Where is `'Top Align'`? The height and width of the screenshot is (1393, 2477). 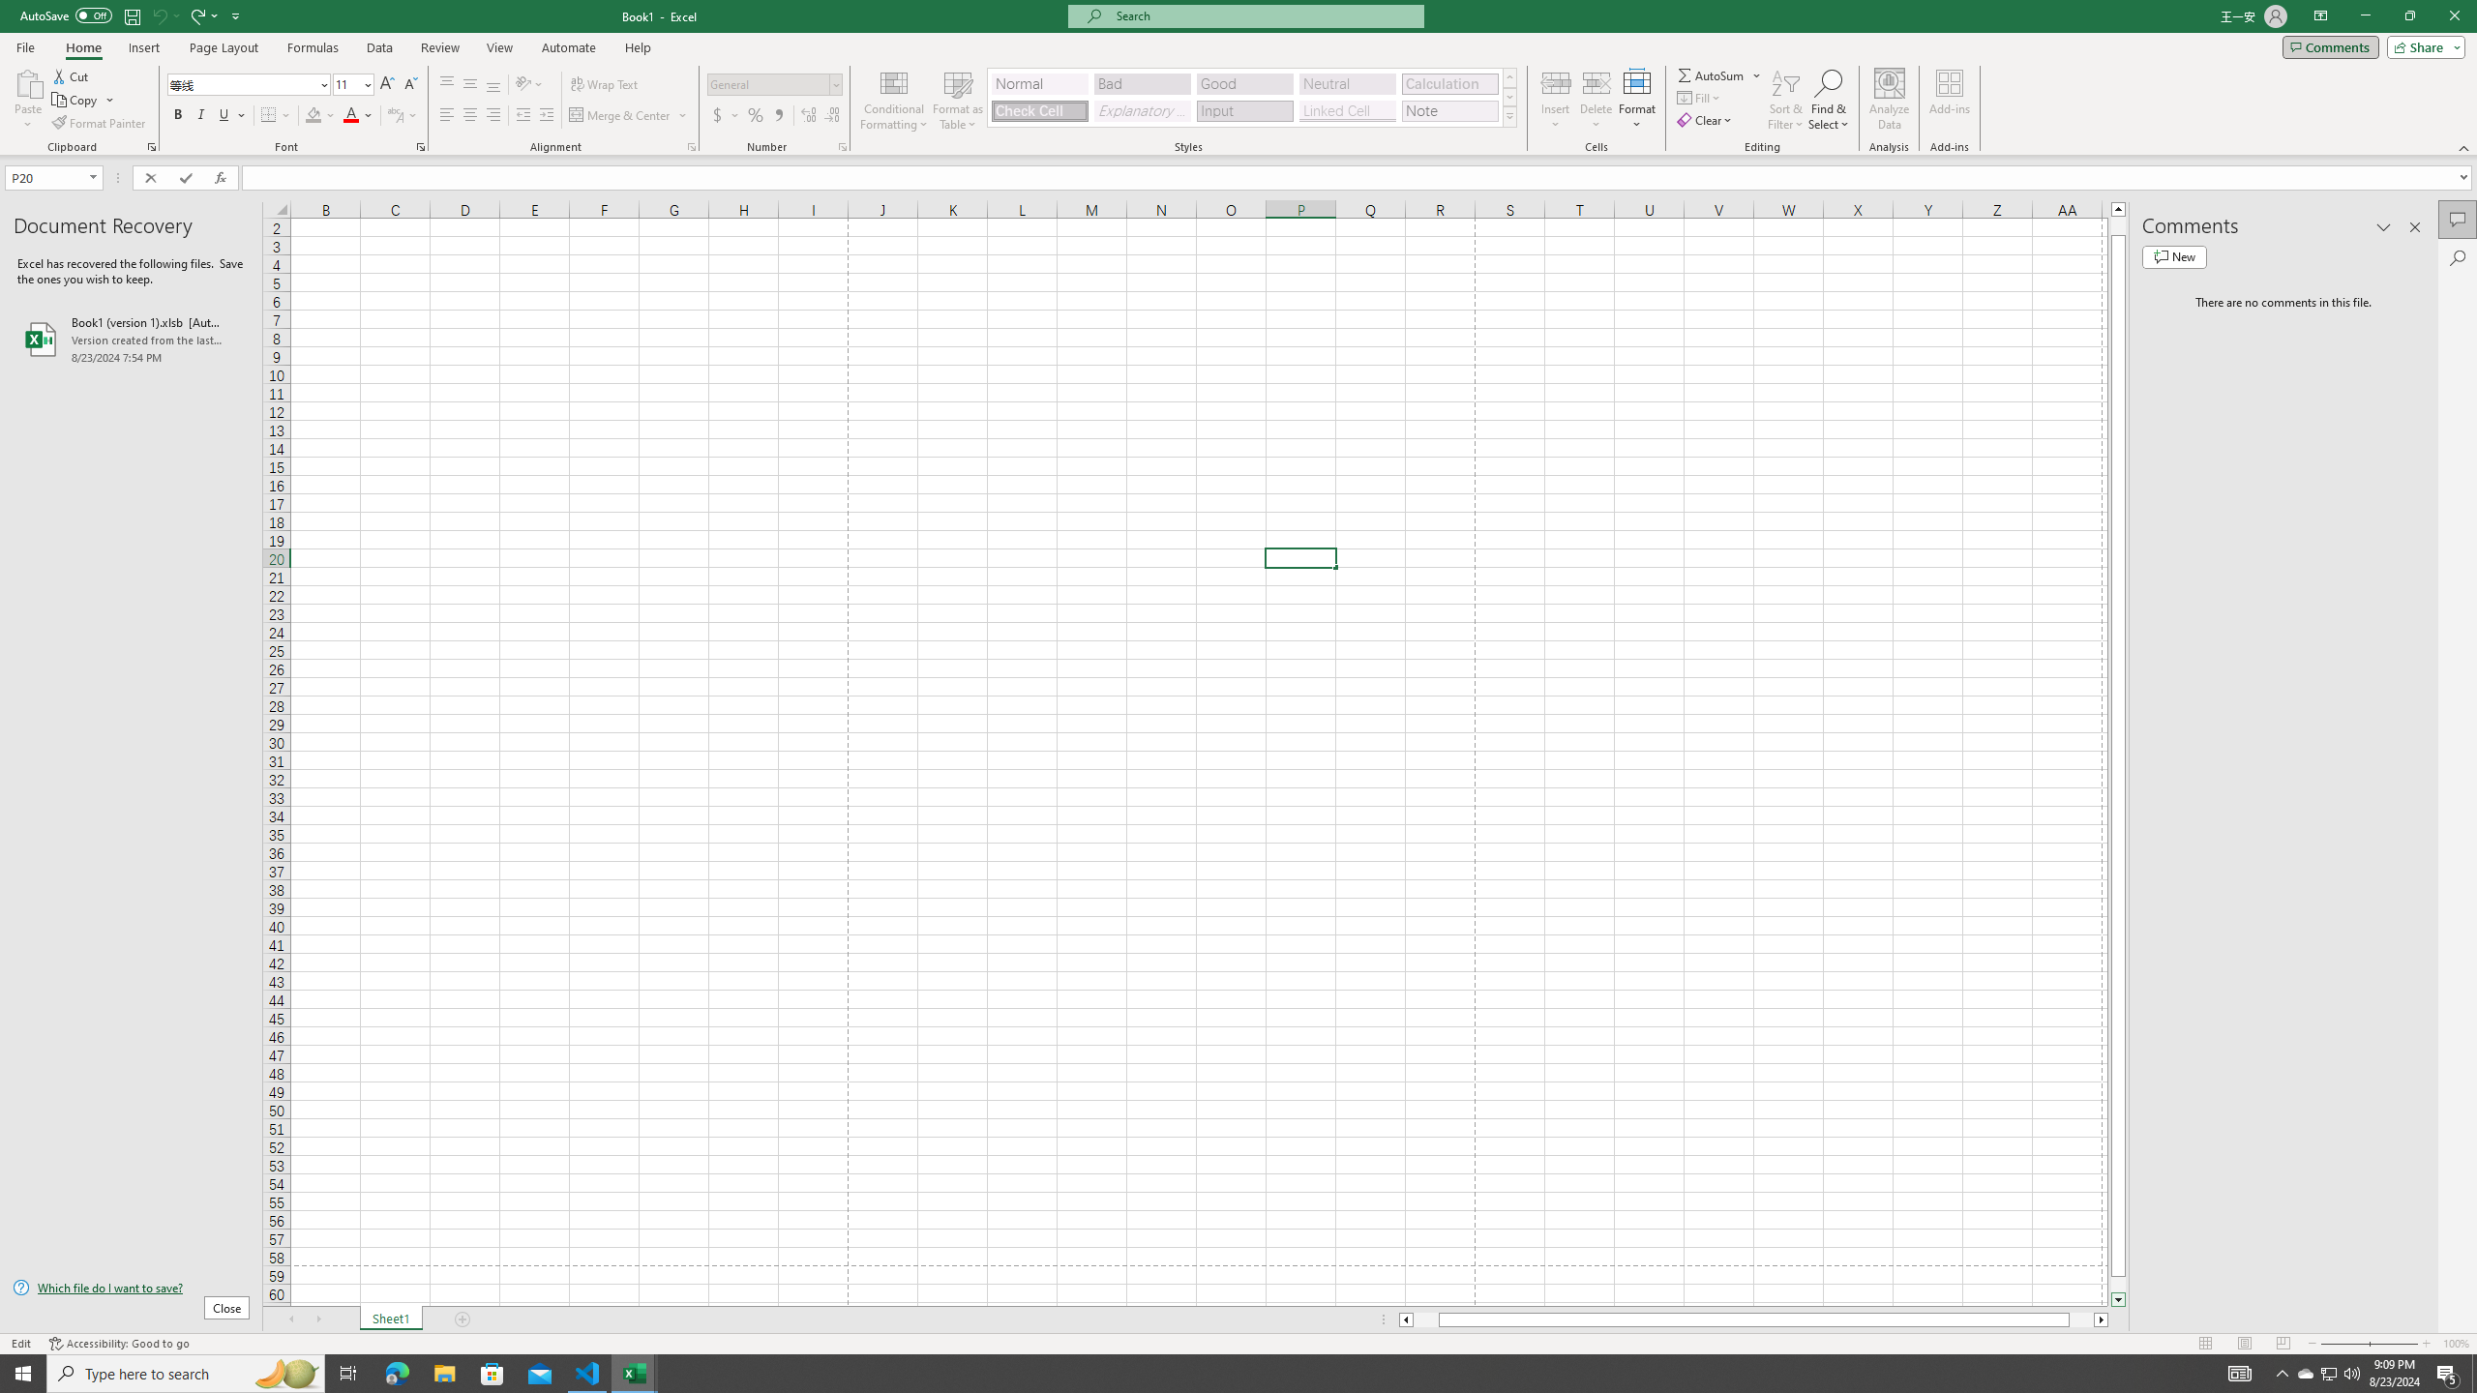 'Top Align' is located at coordinates (446, 84).